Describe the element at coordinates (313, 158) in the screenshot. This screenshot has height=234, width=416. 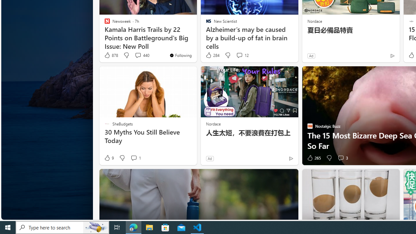
I see `'265 Like'` at that location.